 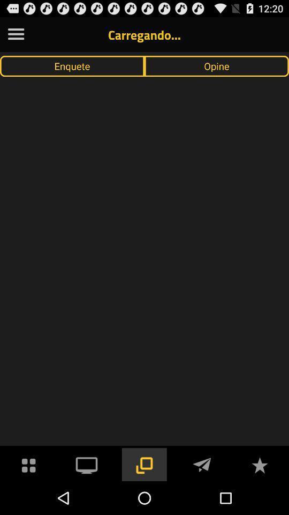 I want to click on the item next to carregando... item, so click(x=16, y=34).